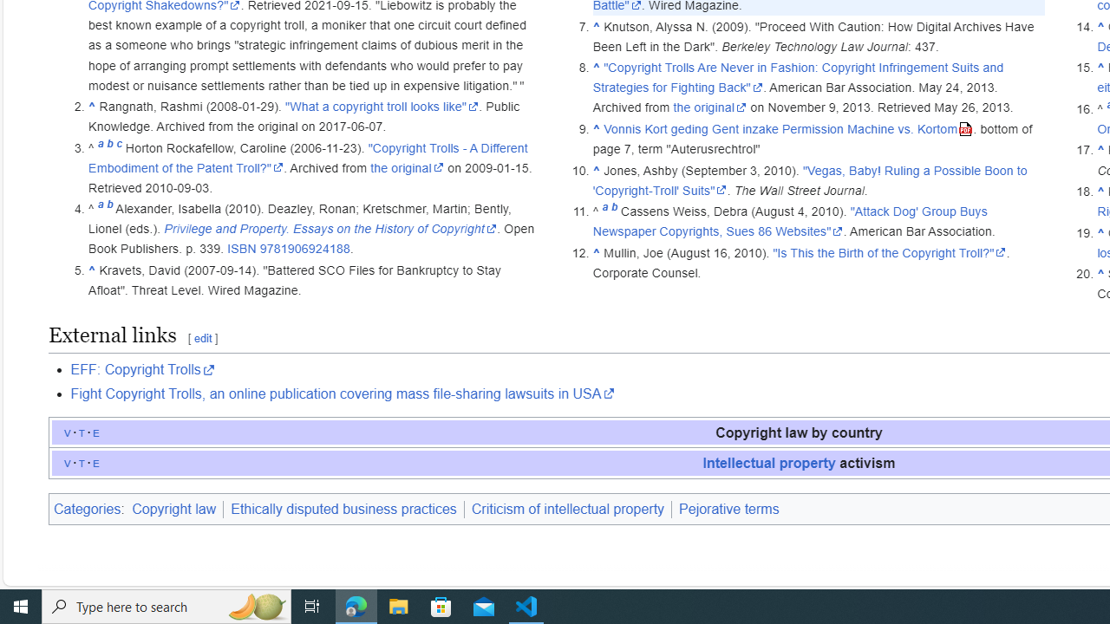  I want to click on 'Ethically disputed business practices', so click(343, 508).